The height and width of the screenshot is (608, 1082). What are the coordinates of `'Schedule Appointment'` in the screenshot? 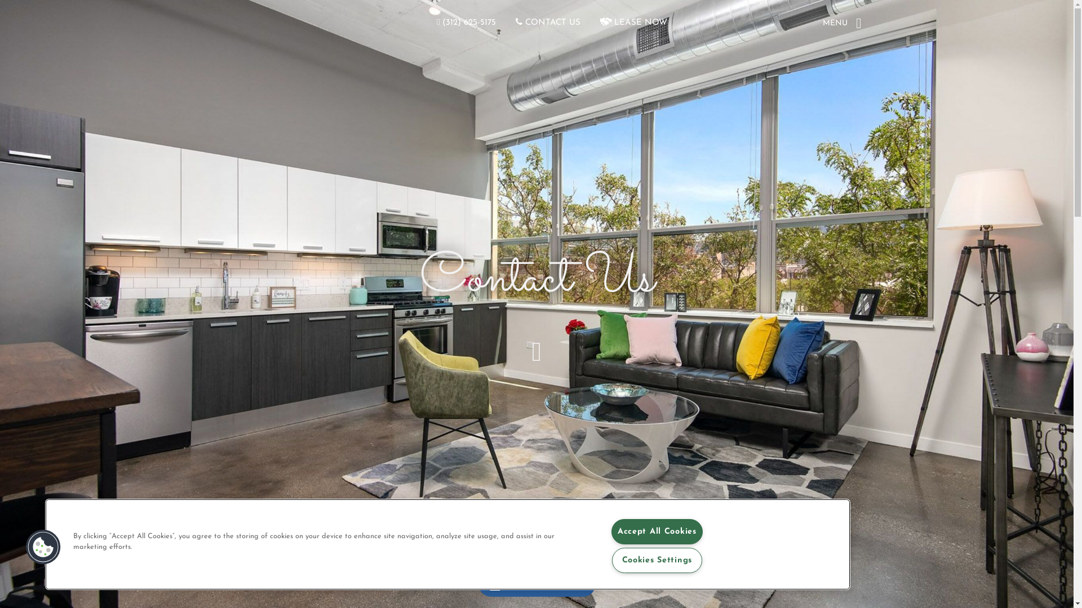 It's located at (478, 583).